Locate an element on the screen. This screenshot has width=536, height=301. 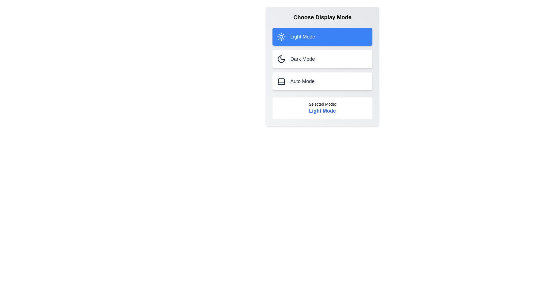
the button corresponding to Light Mode is located at coordinates (322, 37).